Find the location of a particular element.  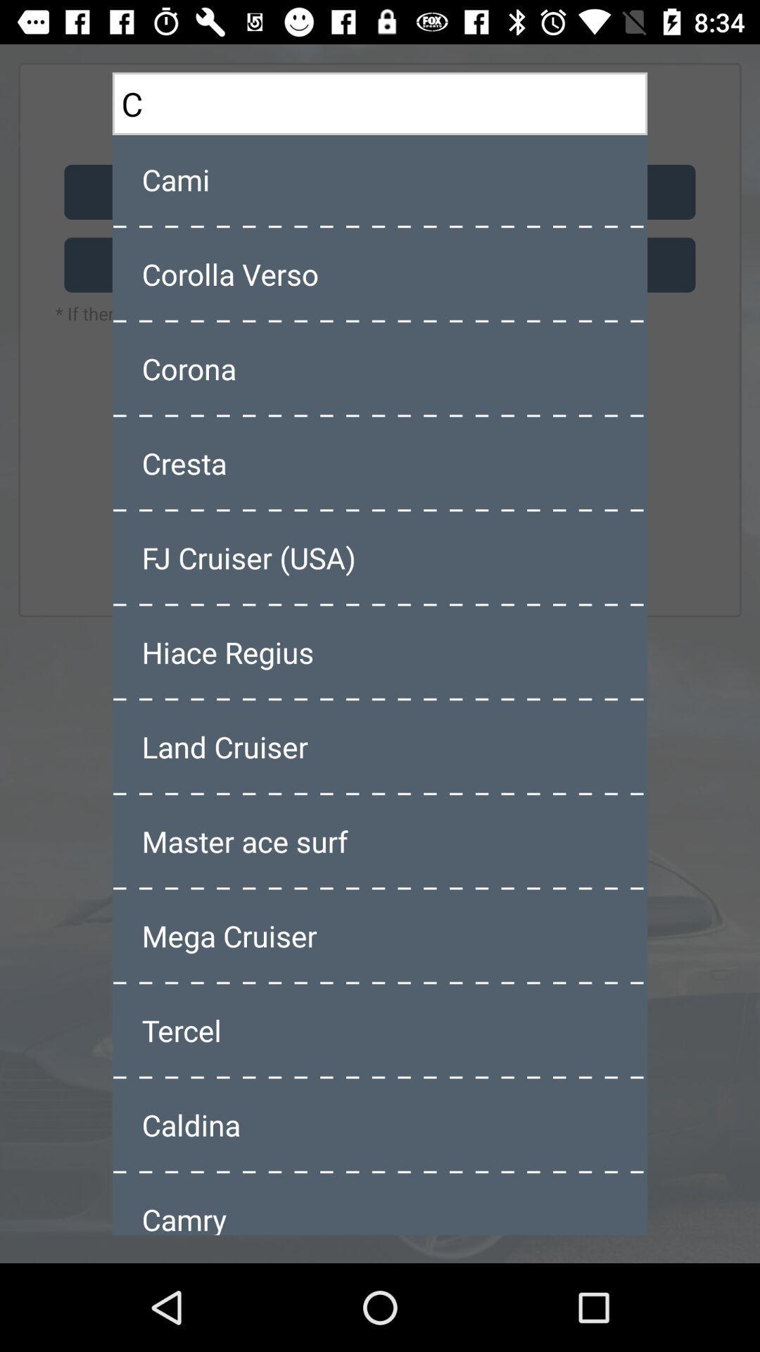

the item below the mega cruiser item is located at coordinates (380, 1030).